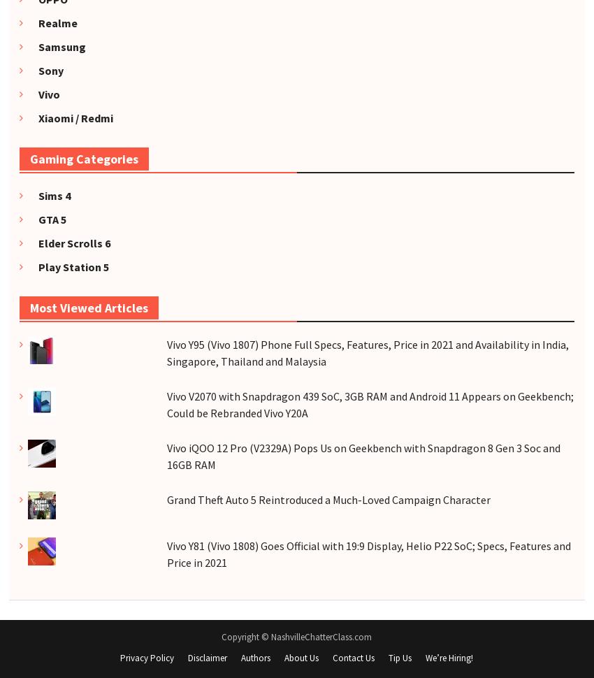 The image size is (594, 678). Describe the element at coordinates (449, 656) in the screenshot. I see `'We’re Hiring!'` at that location.